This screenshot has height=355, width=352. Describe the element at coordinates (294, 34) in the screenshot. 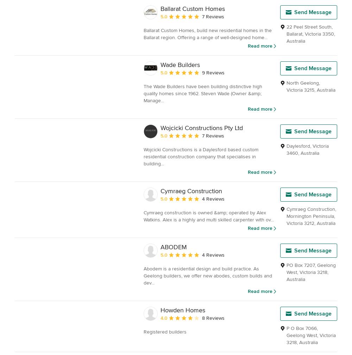

I see `'Ballarat'` at that location.